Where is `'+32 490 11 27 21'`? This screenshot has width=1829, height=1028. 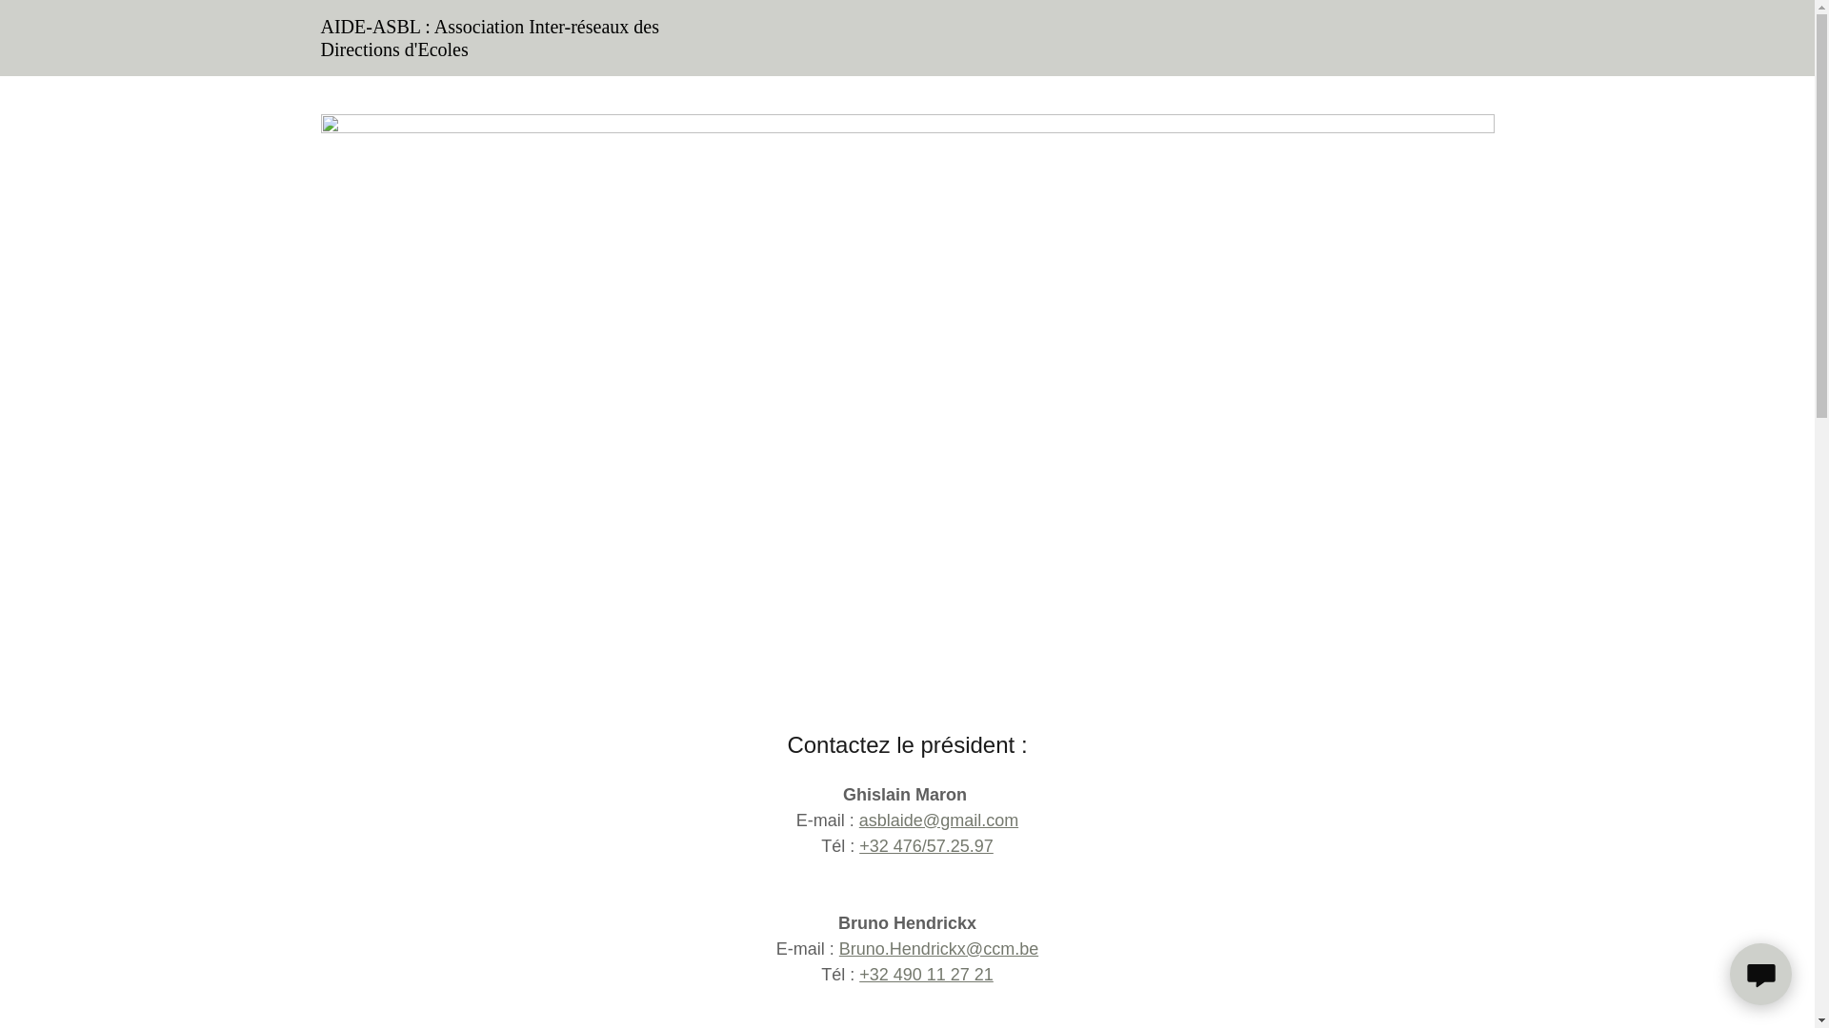 '+32 490 11 27 21' is located at coordinates (926, 974).